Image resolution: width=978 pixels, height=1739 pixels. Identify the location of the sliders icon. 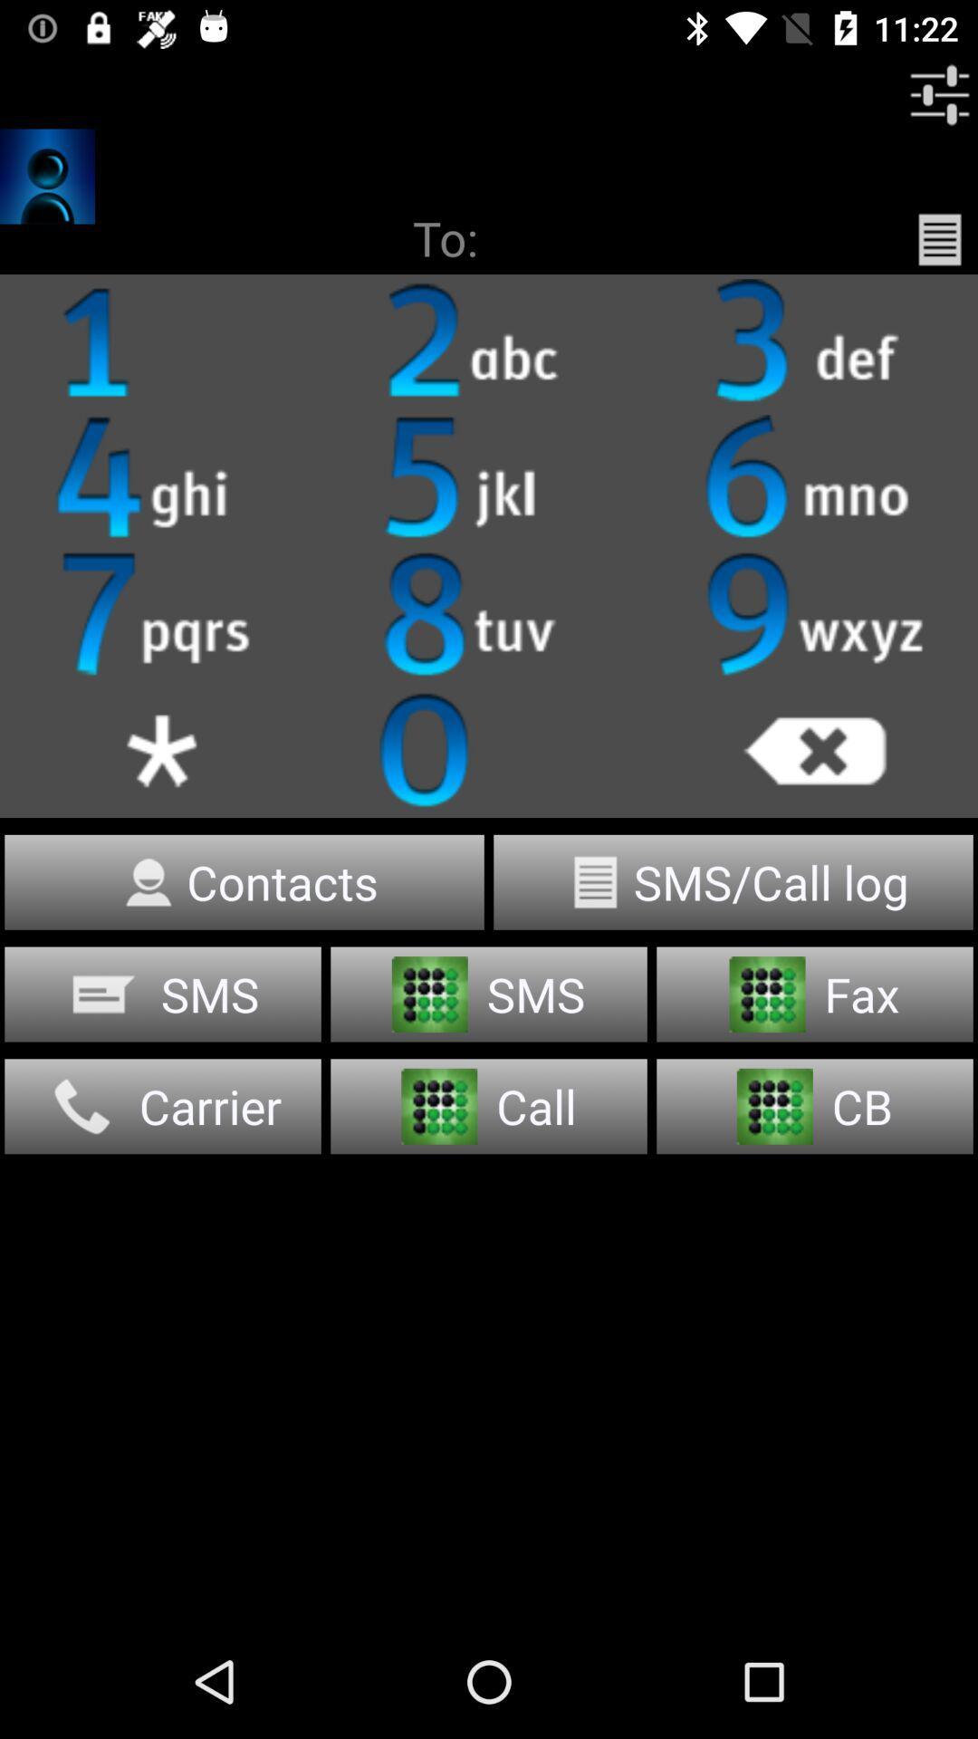
(163, 750).